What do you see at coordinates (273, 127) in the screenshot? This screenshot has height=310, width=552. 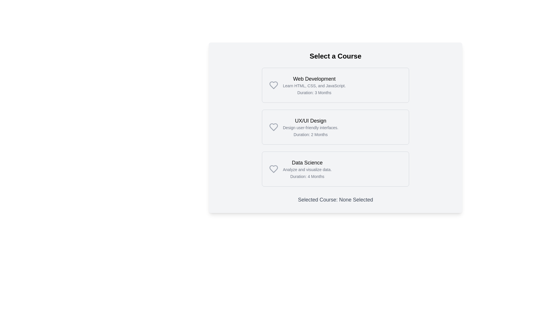 I see `the heart icon that signifies 'like' or 'favorite' status for the 'UX/UI Design' course, located in the second box of the course listing` at bounding box center [273, 127].